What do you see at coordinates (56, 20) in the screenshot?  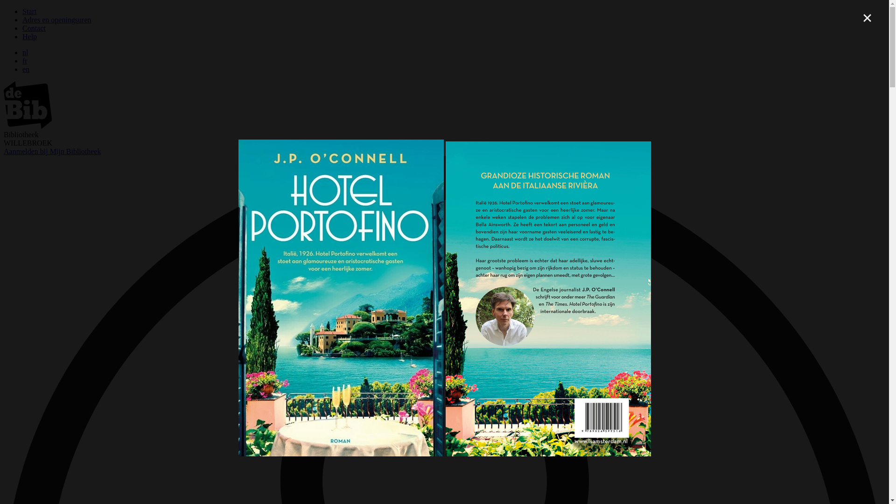 I see `'Adres en openingsuren'` at bounding box center [56, 20].